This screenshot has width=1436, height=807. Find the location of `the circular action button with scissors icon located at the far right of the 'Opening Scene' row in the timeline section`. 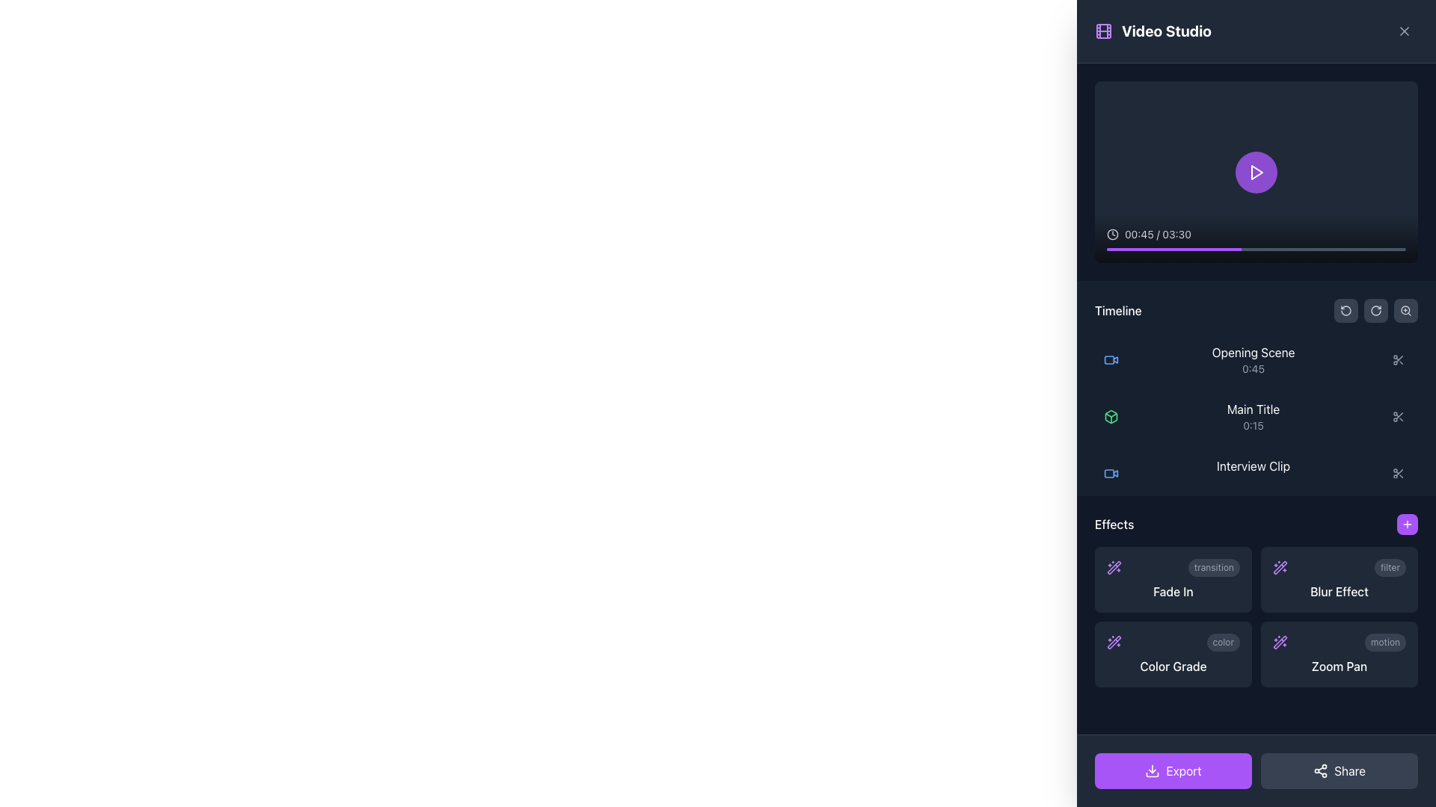

the circular action button with scissors icon located at the far right of the 'Opening Scene' row in the timeline section is located at coordinates (1398, 360).